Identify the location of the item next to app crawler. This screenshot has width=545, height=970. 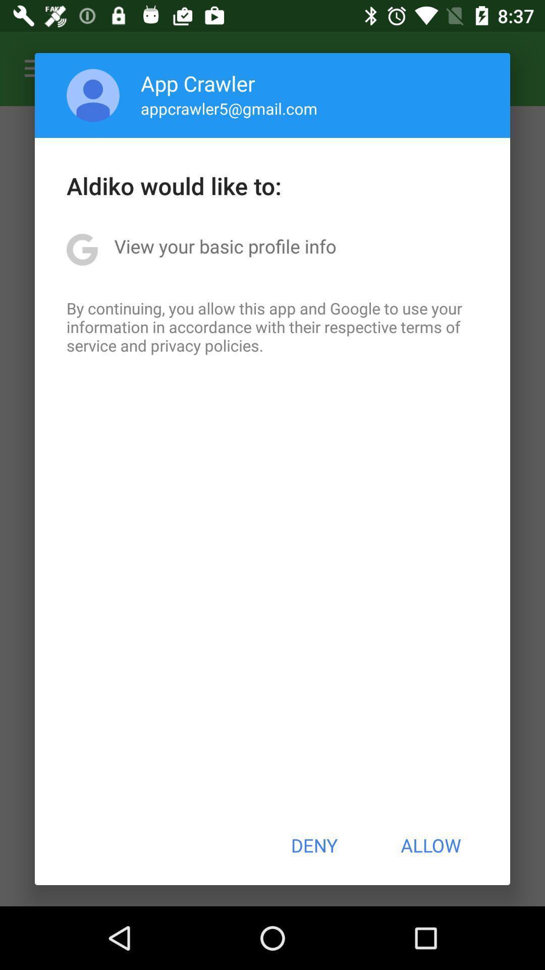
(93, 95).